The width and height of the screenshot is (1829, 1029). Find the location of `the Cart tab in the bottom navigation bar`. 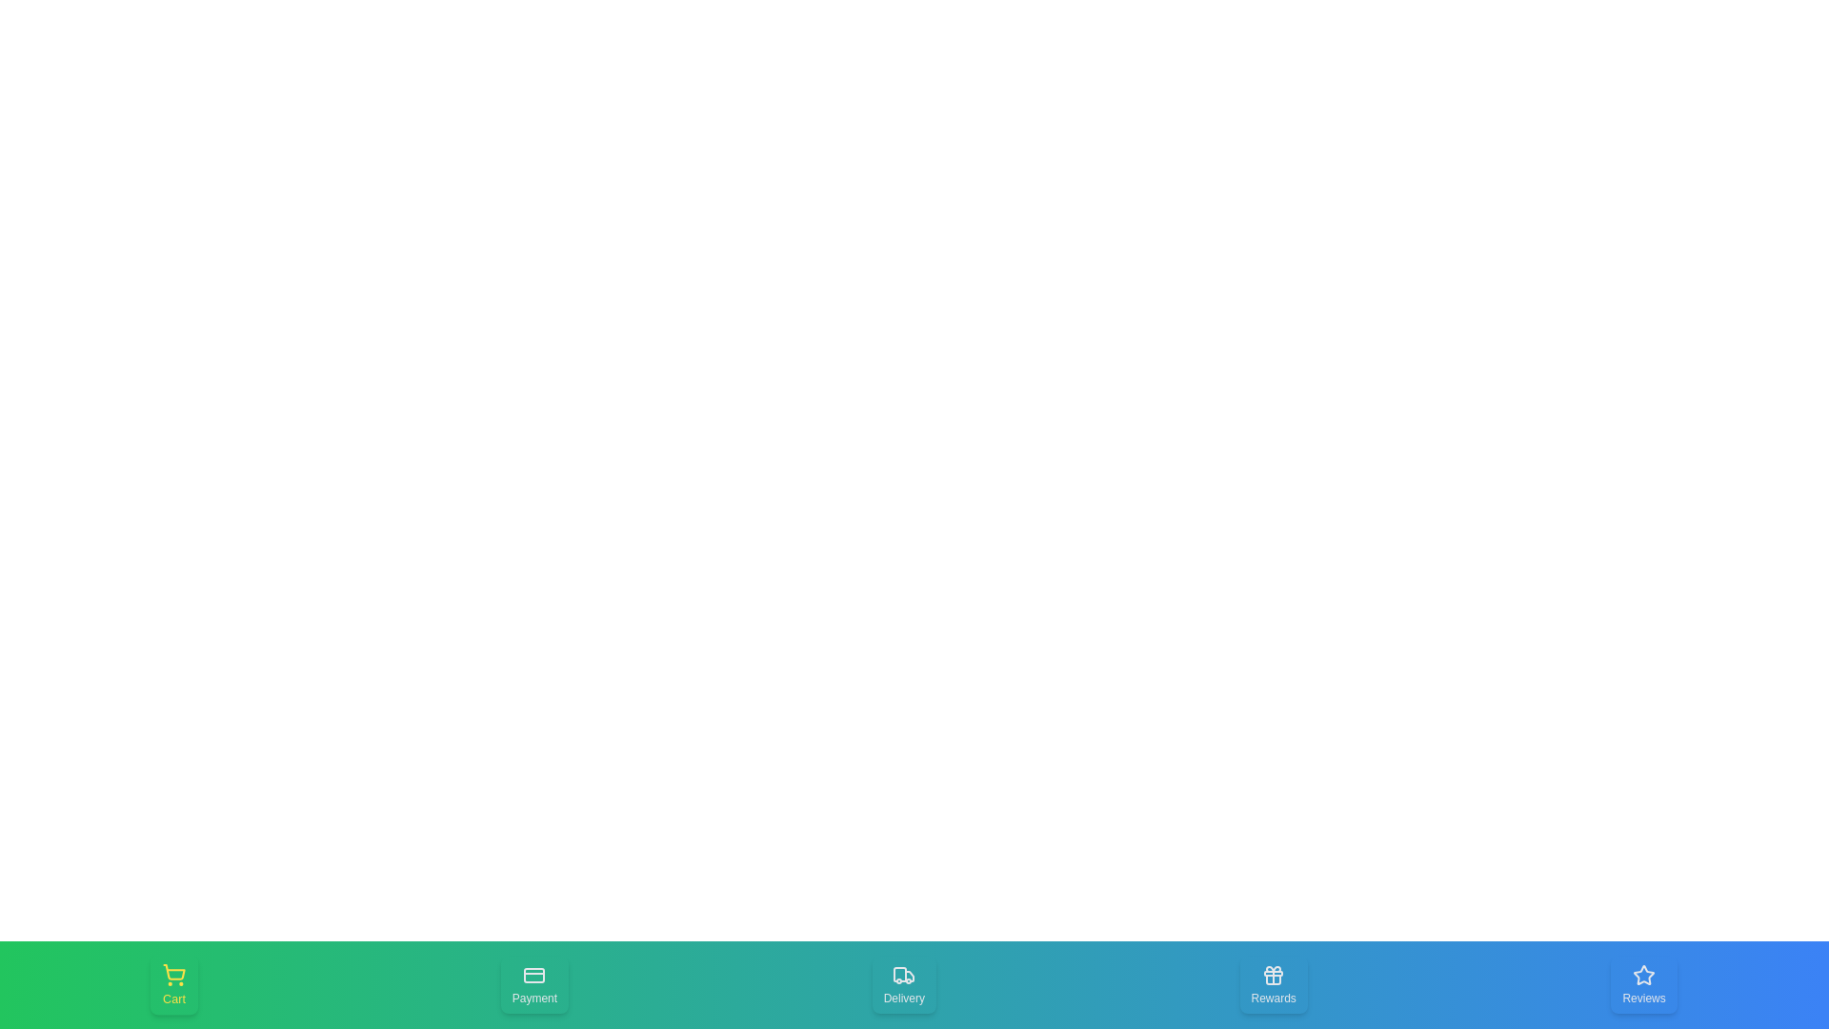

the Cart tab in the bottom navigation bar is located at coordinates (173, 984).